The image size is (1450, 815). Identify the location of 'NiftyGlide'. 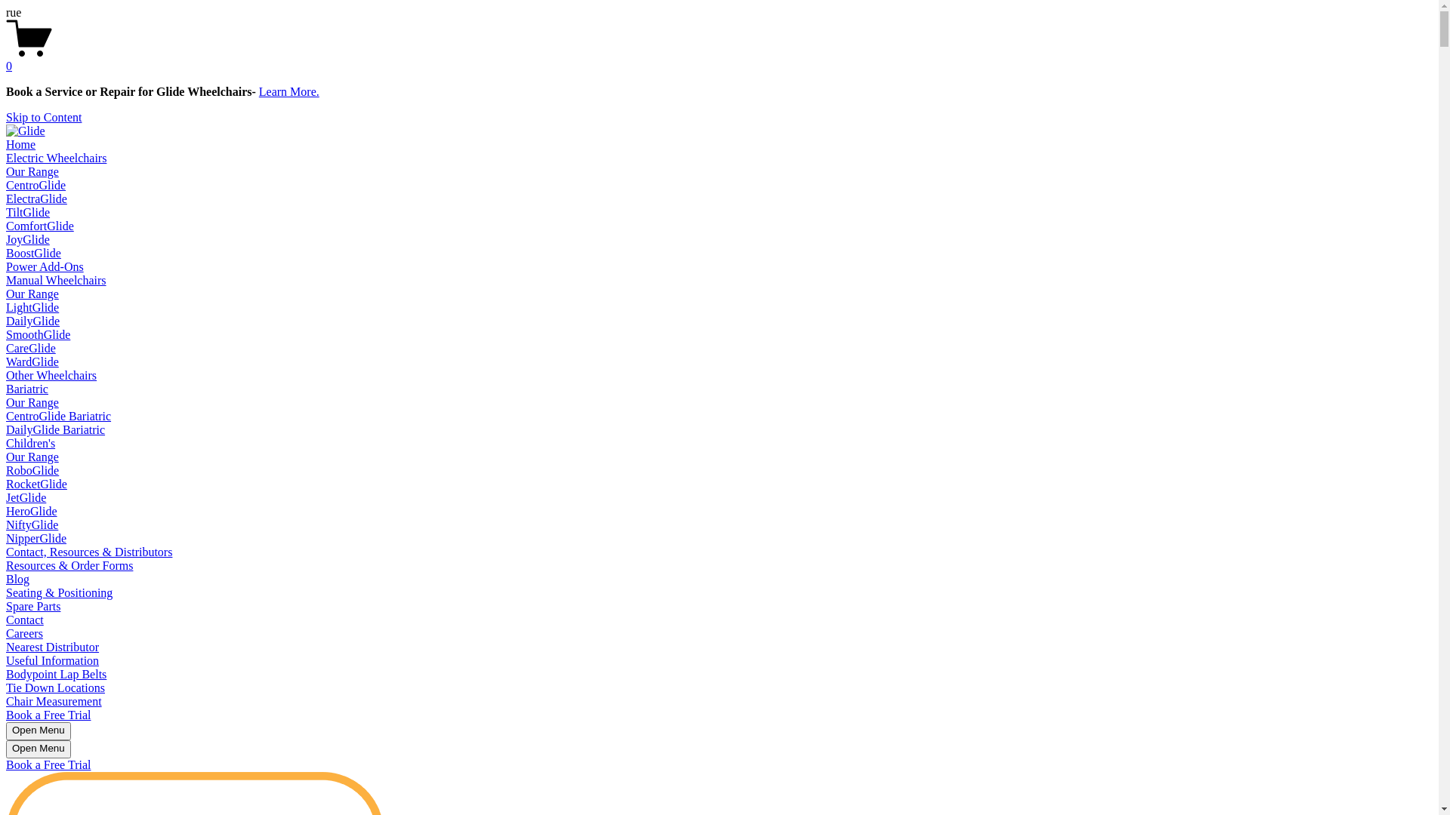
(32, 524).